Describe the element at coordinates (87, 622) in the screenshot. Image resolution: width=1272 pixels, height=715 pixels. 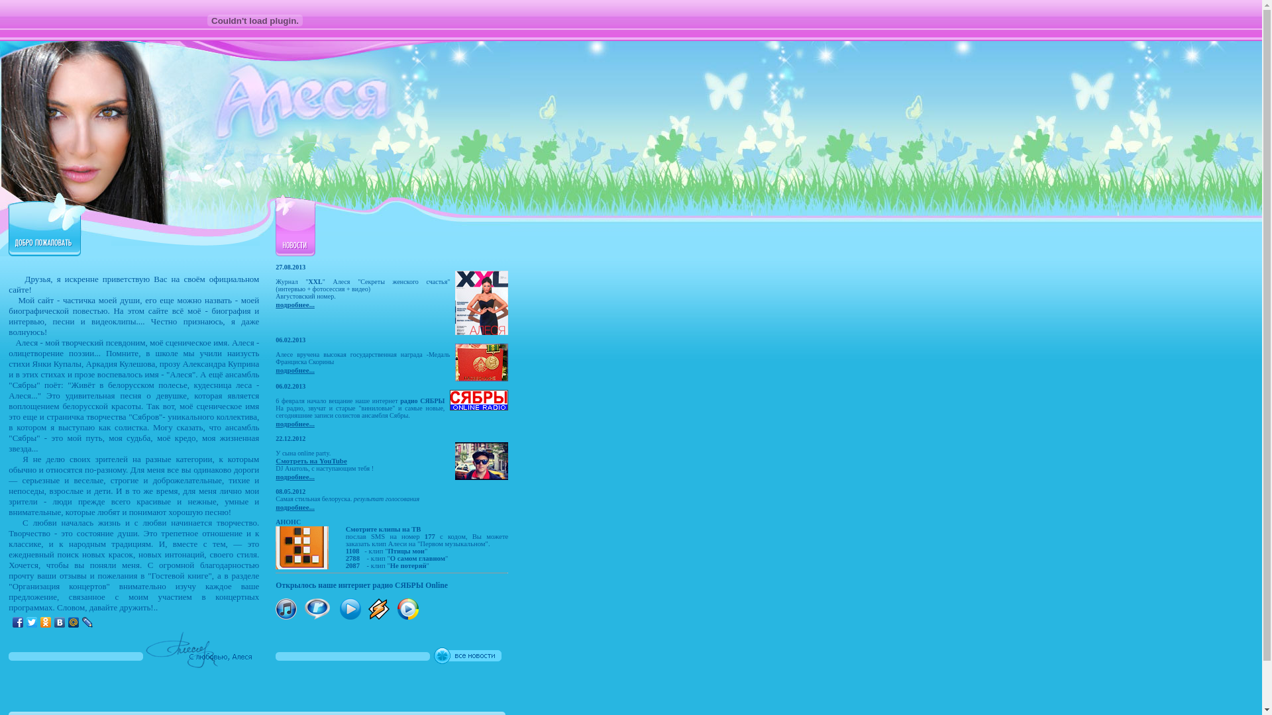
I see `'LiveJournal'` at that location.